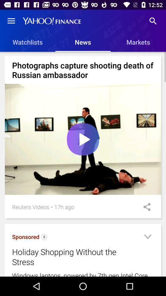 The width and height of the screenshot is (166, 296). I want to click on item above the watchlists, so click(11, 21).